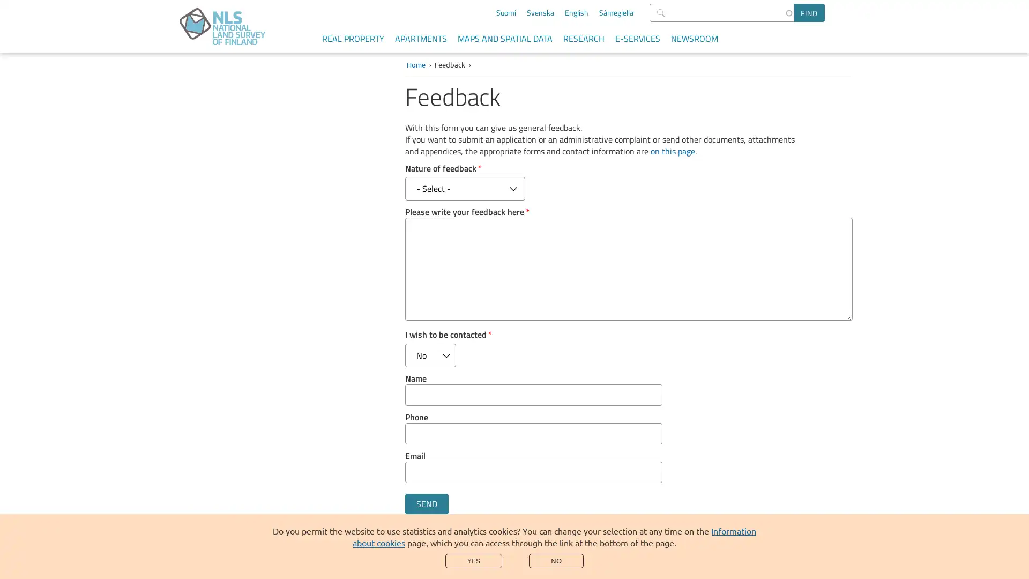 Image resolution: width=1029 pixels, height=579 pixels. What do you see at coordinates (809, 12) in the screenshot?
I see `Find` at bounding box center [809, 12].